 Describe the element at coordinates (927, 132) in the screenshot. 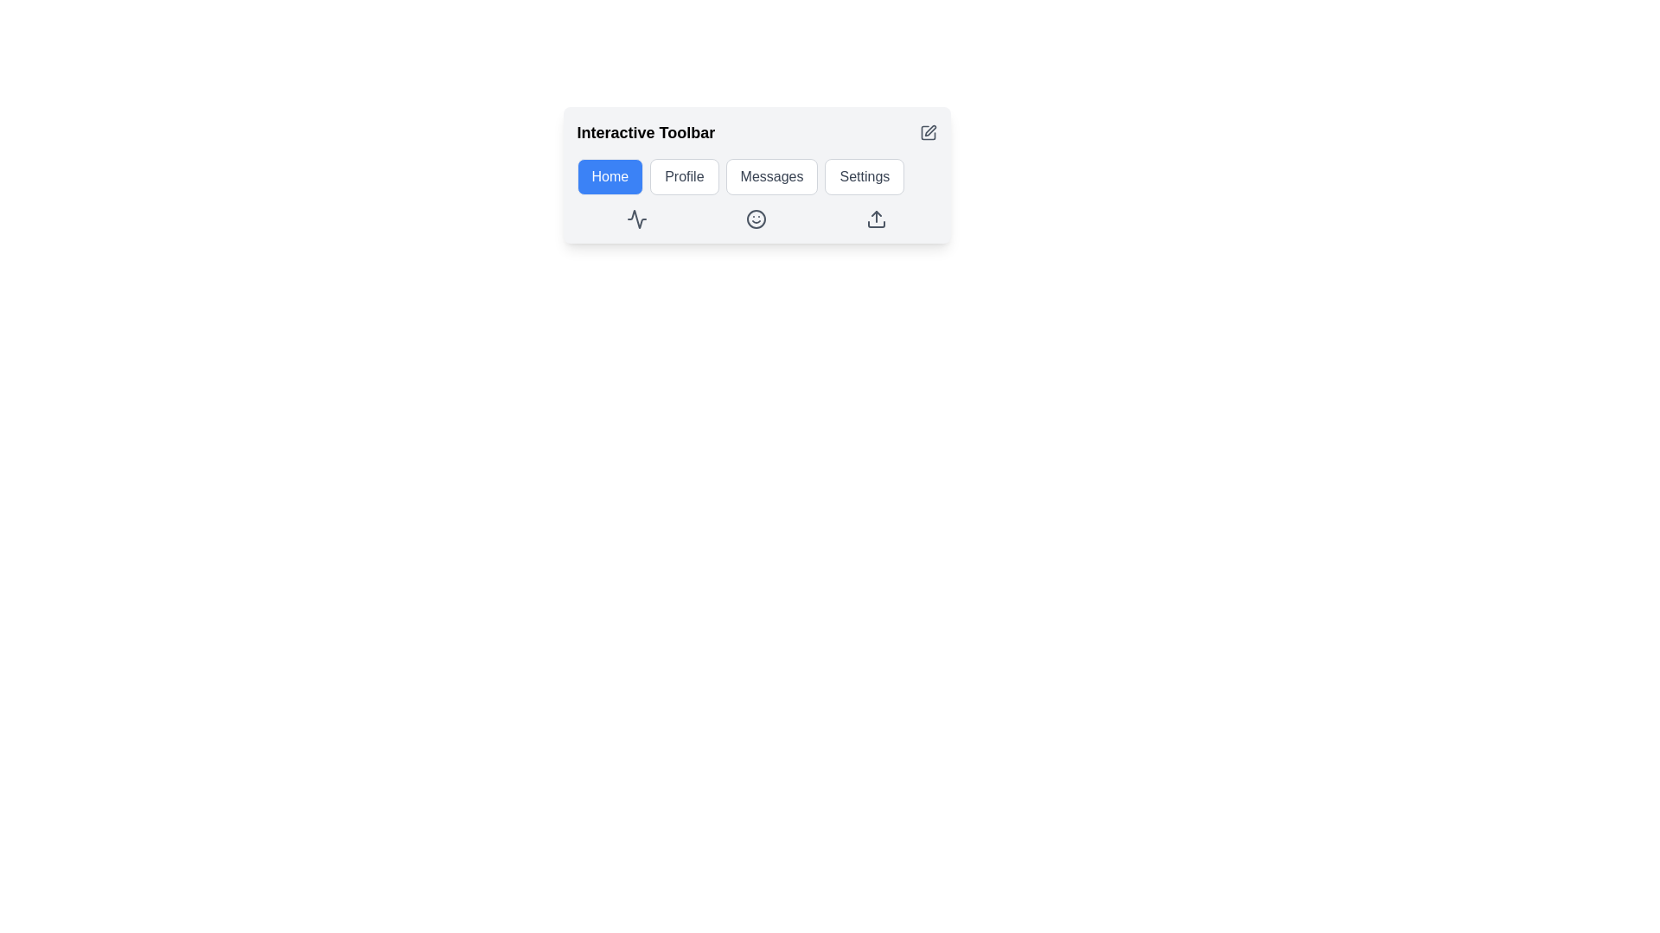

I see `the edit action icon button located at the top-right corner of the 'Interactive Toolbar', which is represented by a pencil icon` at that location.